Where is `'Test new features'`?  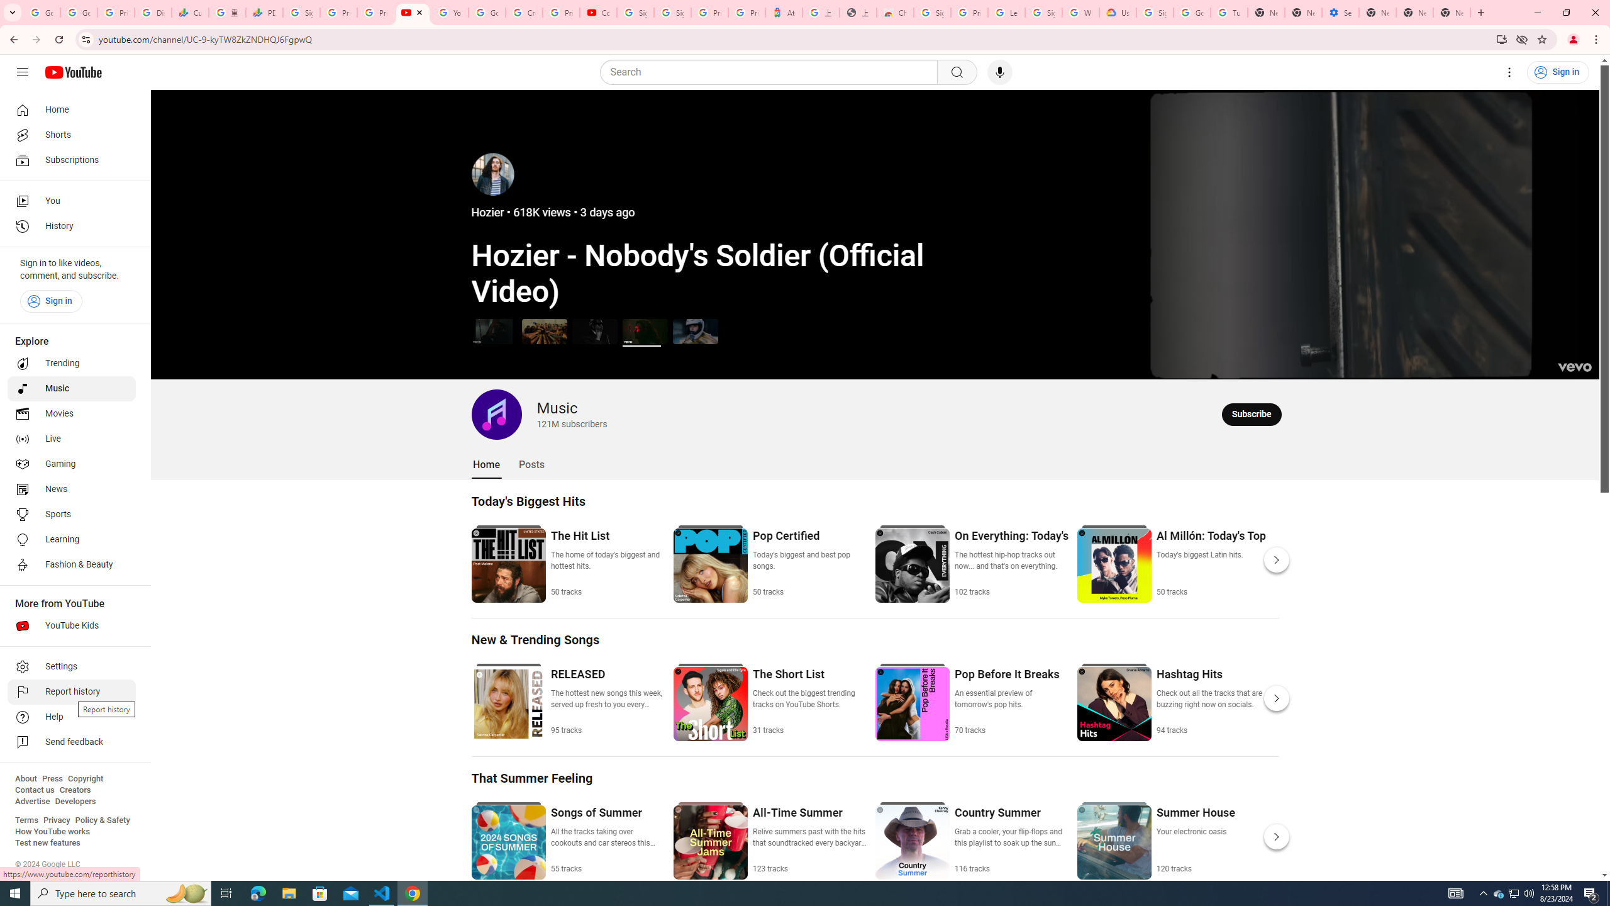 'Test new features' is located at coordinates (47, 842).